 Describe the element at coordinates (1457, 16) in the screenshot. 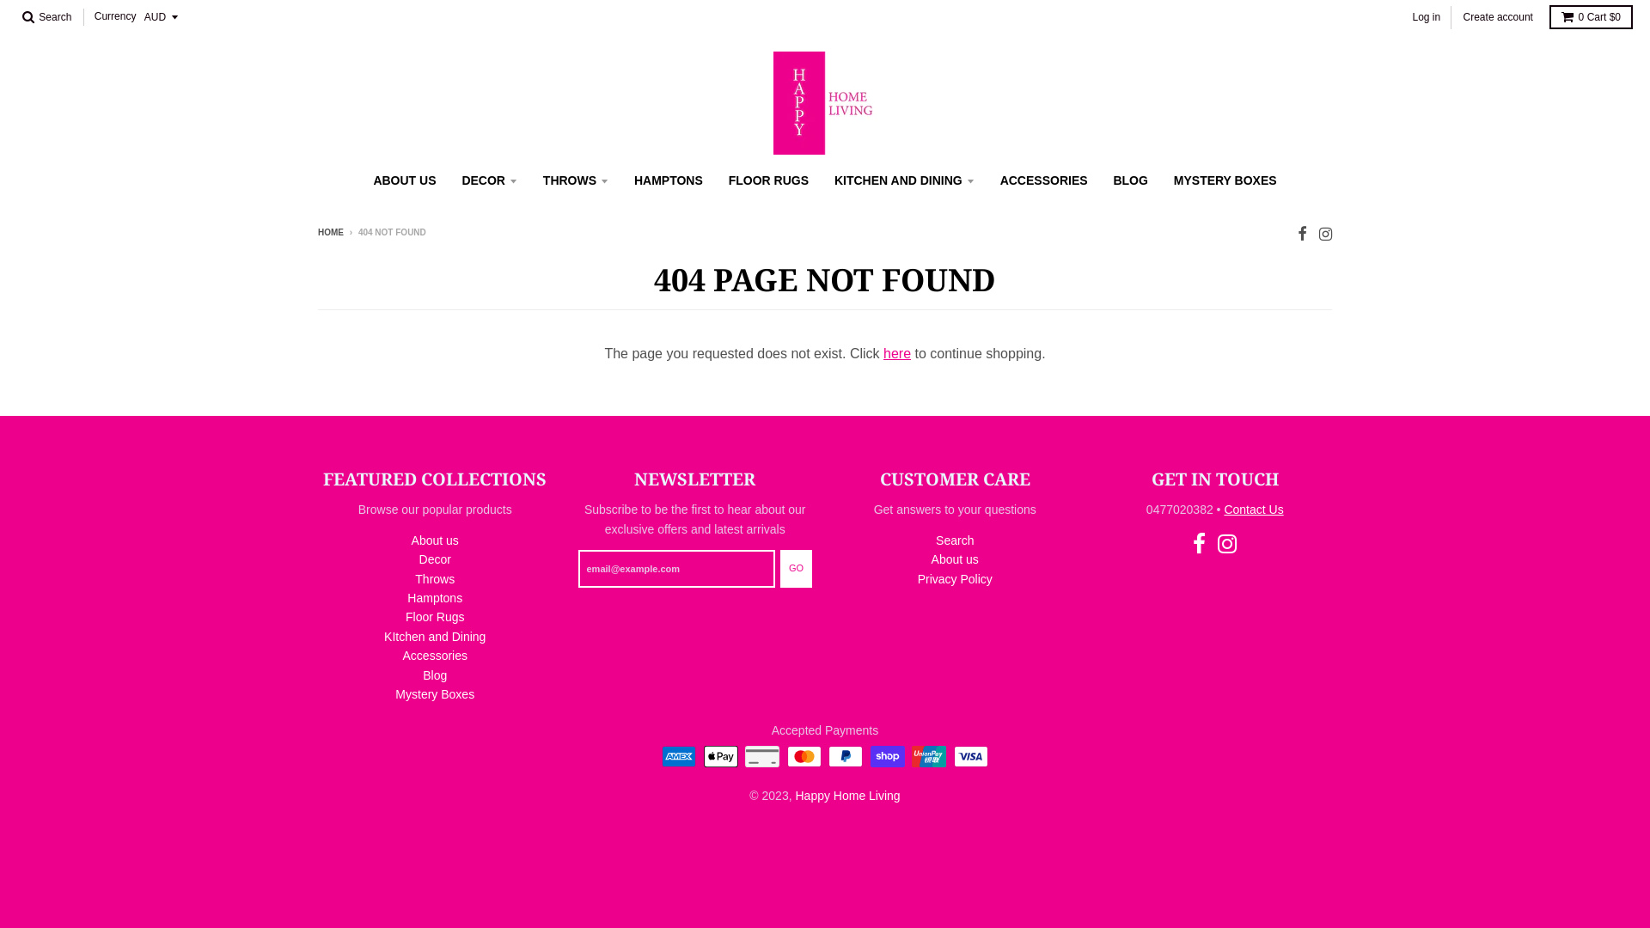

I see `'Create account'` at that location.